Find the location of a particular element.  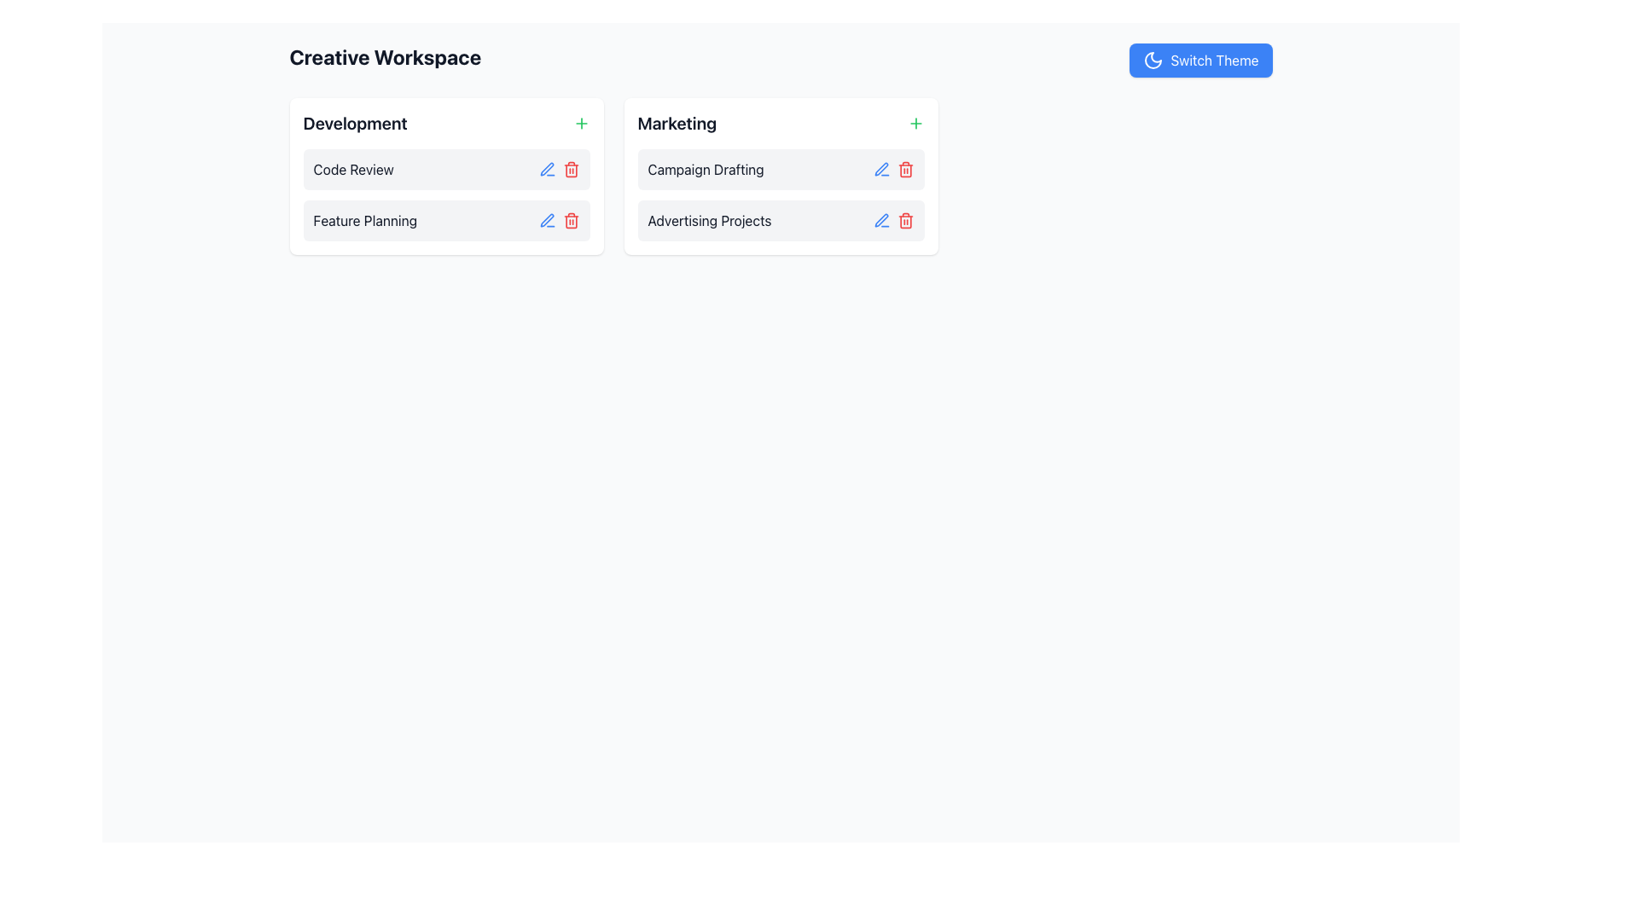

text displayed in the header Text Label located at the top-left corner of the interface, which indicates the current workspace context is located at coordinates (384, 59).